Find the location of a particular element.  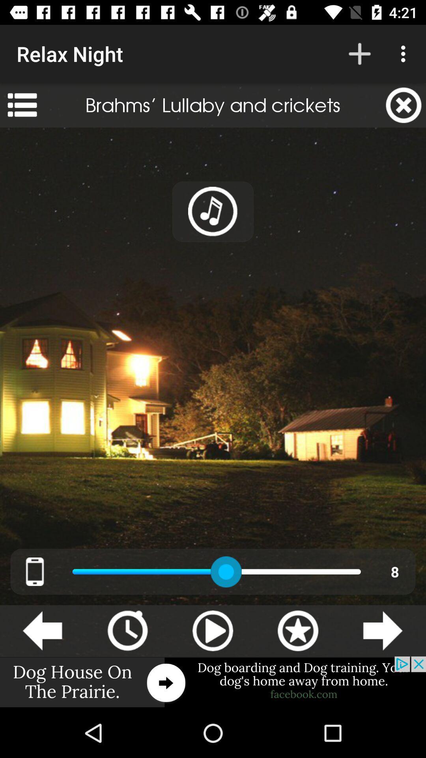

the app next to brahms lullaby and is located at coordinates (404, 105).